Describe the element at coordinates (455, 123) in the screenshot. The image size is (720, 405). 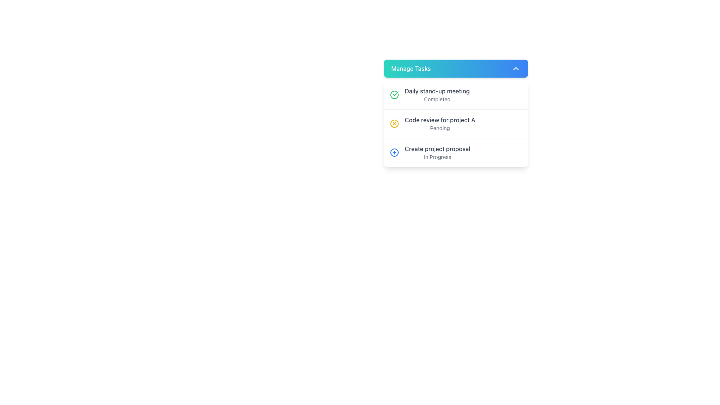
I see `the second task list item which has a yellow circular icon with a cross, a bold text label 'Code review for project A', and a smaller gray text 'Pending'` at that location.